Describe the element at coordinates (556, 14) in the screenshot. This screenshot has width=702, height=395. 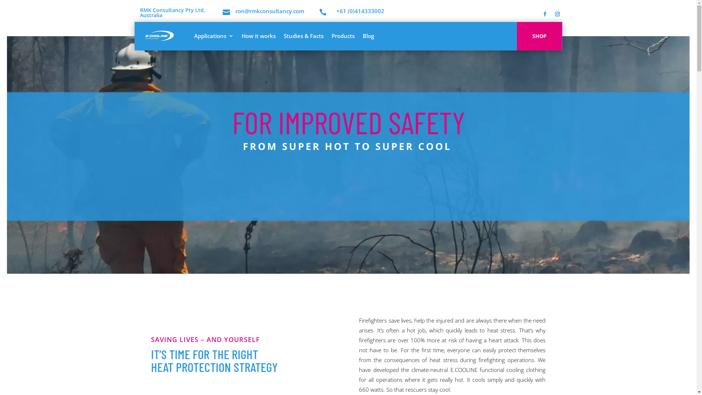
I see `'Follow on Instagram'` at that location.